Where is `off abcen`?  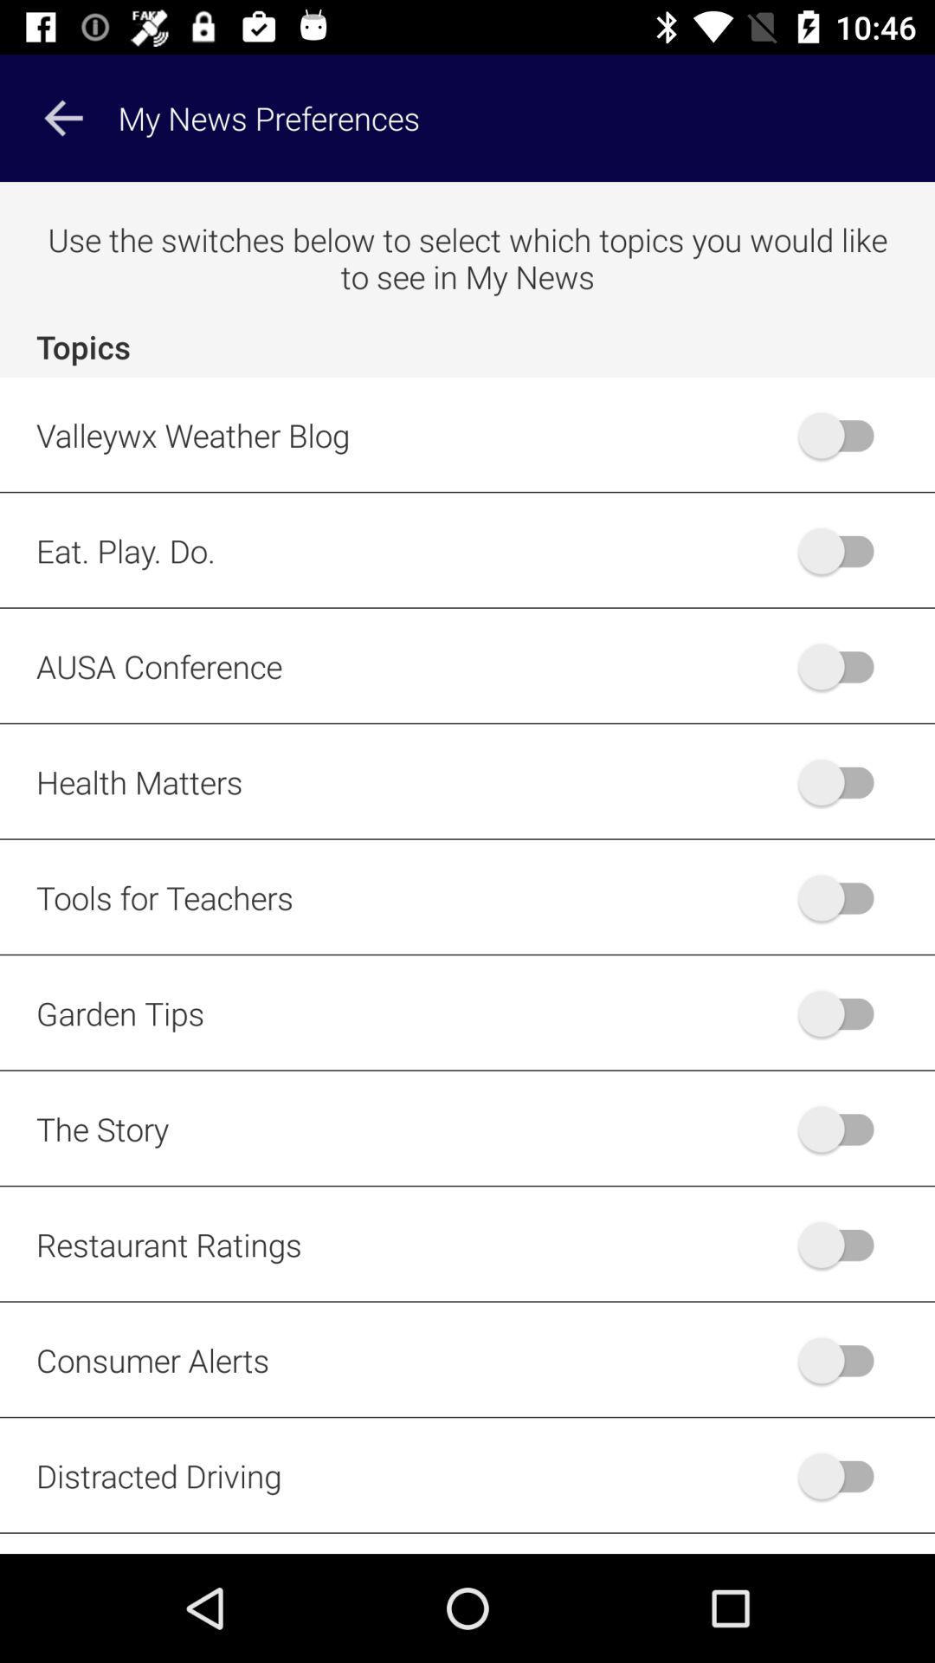 off abcen is located at coordinates (843, 665).